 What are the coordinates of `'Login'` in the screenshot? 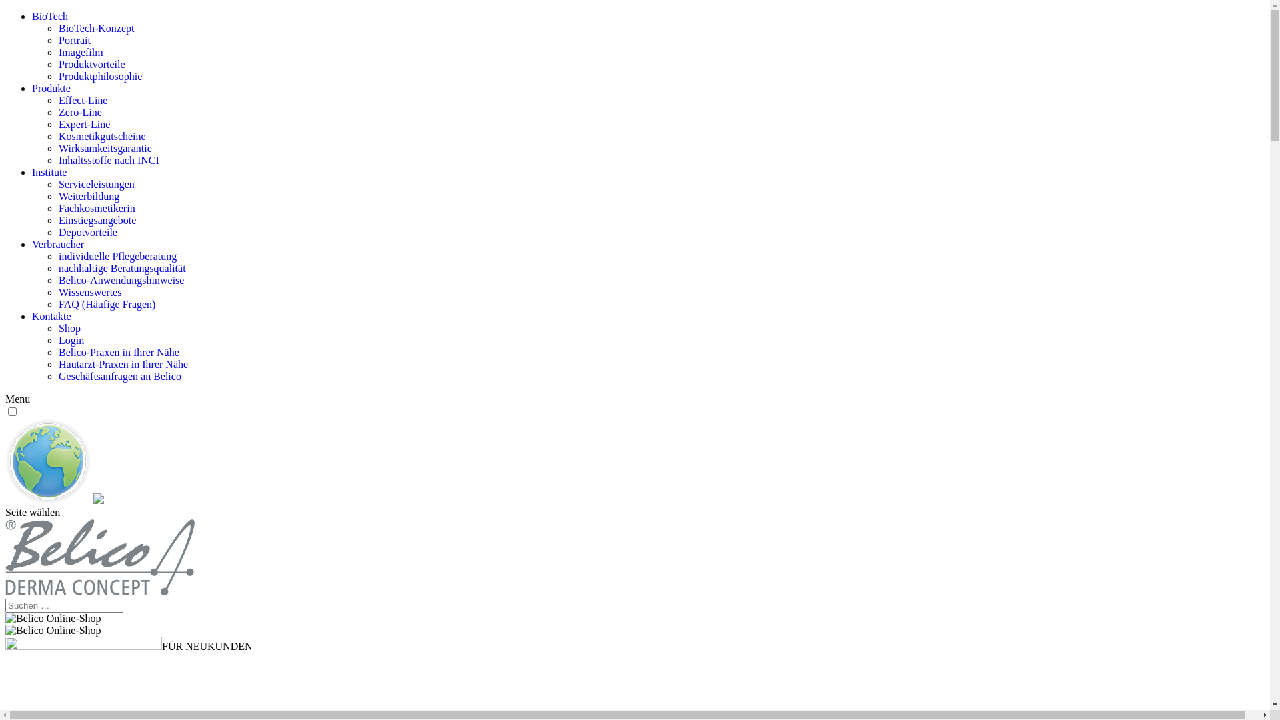 It's located at (70, 339).